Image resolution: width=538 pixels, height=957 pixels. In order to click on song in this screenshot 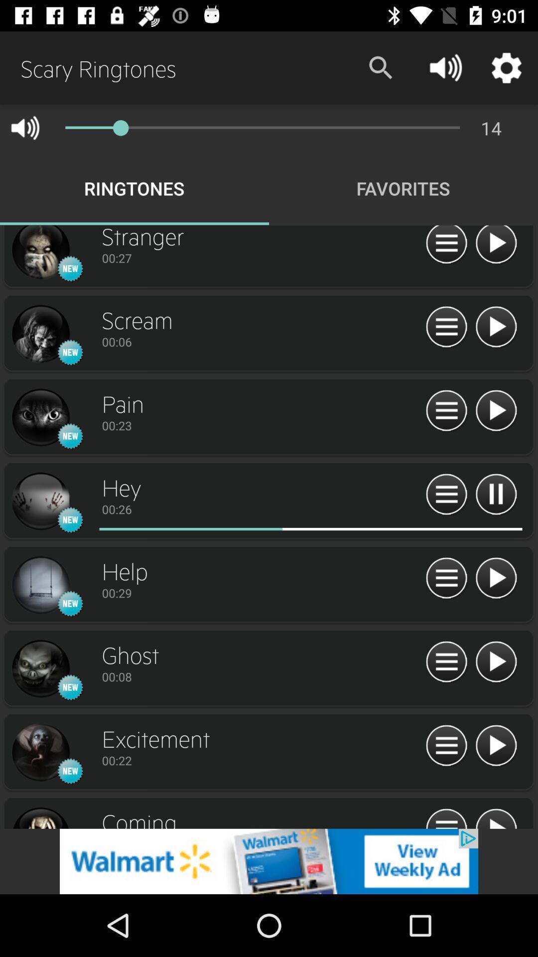, I will do `click(496, 327)`.